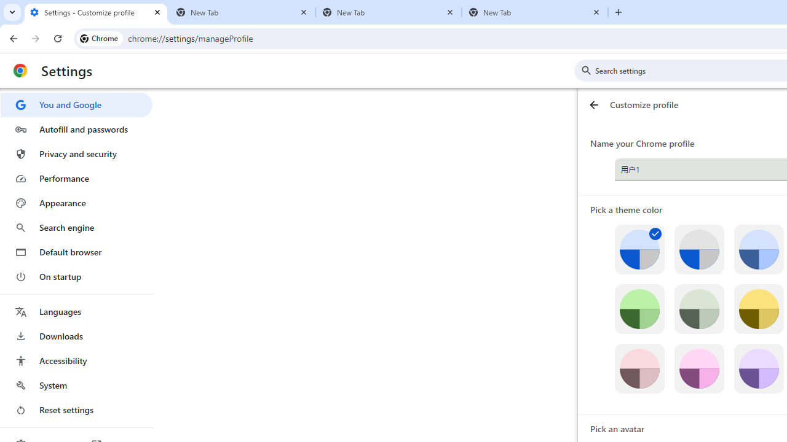 This screenshot has height=442, width=787. What do you see at coordinates (76, 153) in the screenshot?
I see `'Privacy and security'` at bounding box center [76, 153].